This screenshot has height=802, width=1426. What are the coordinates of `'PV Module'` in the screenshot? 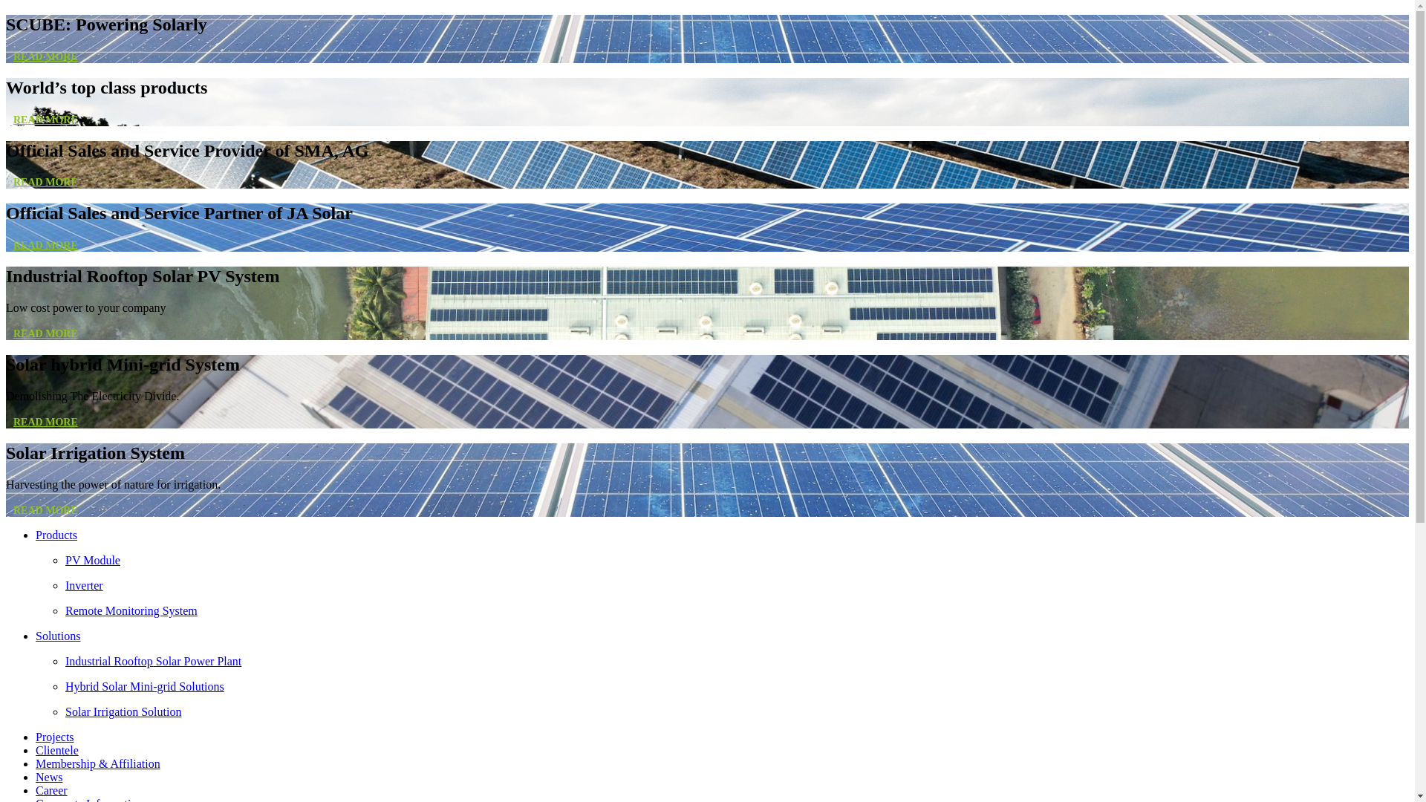 It's located at (737, 561).